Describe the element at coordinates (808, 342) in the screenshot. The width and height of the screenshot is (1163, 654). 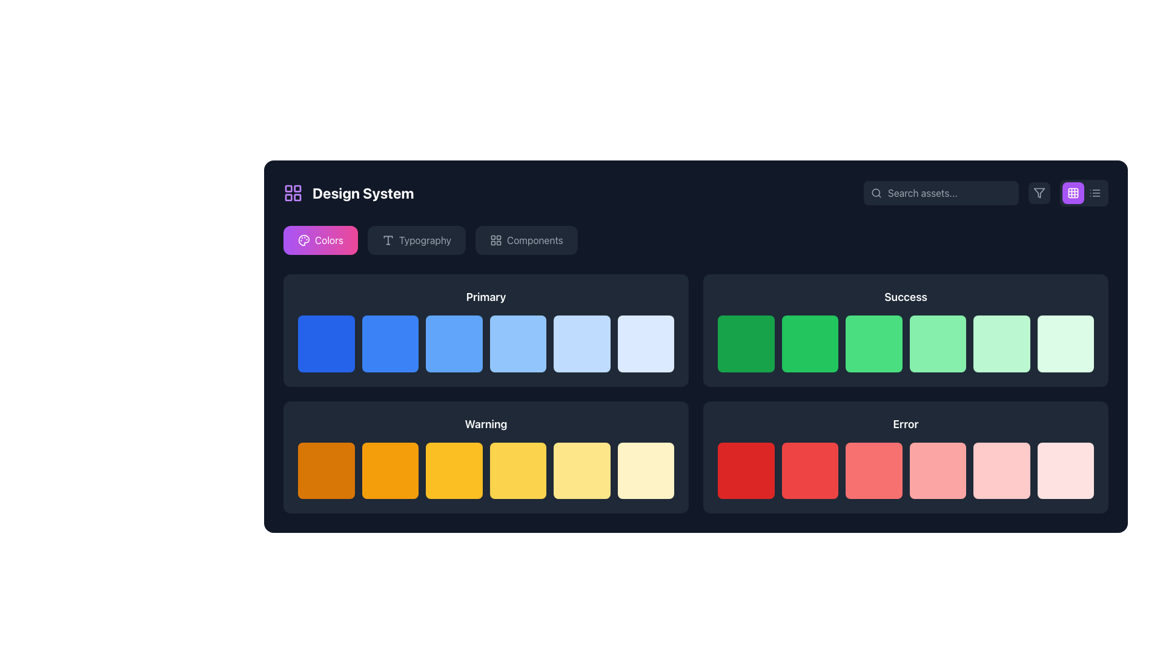
I see `the second selectable color tile` at that location.